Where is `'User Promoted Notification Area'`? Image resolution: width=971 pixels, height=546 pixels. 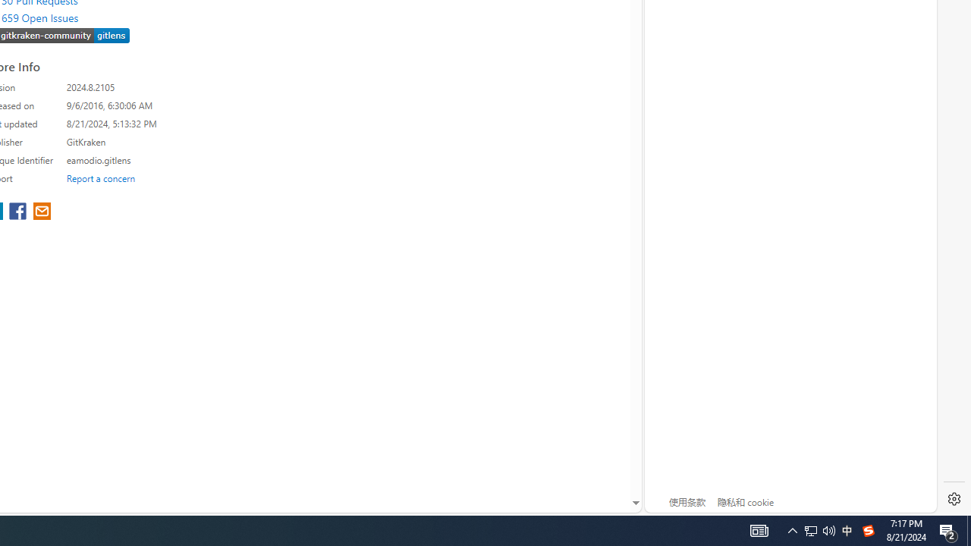 'User Promoted Notification Area' is located at coordinates (792, 529).